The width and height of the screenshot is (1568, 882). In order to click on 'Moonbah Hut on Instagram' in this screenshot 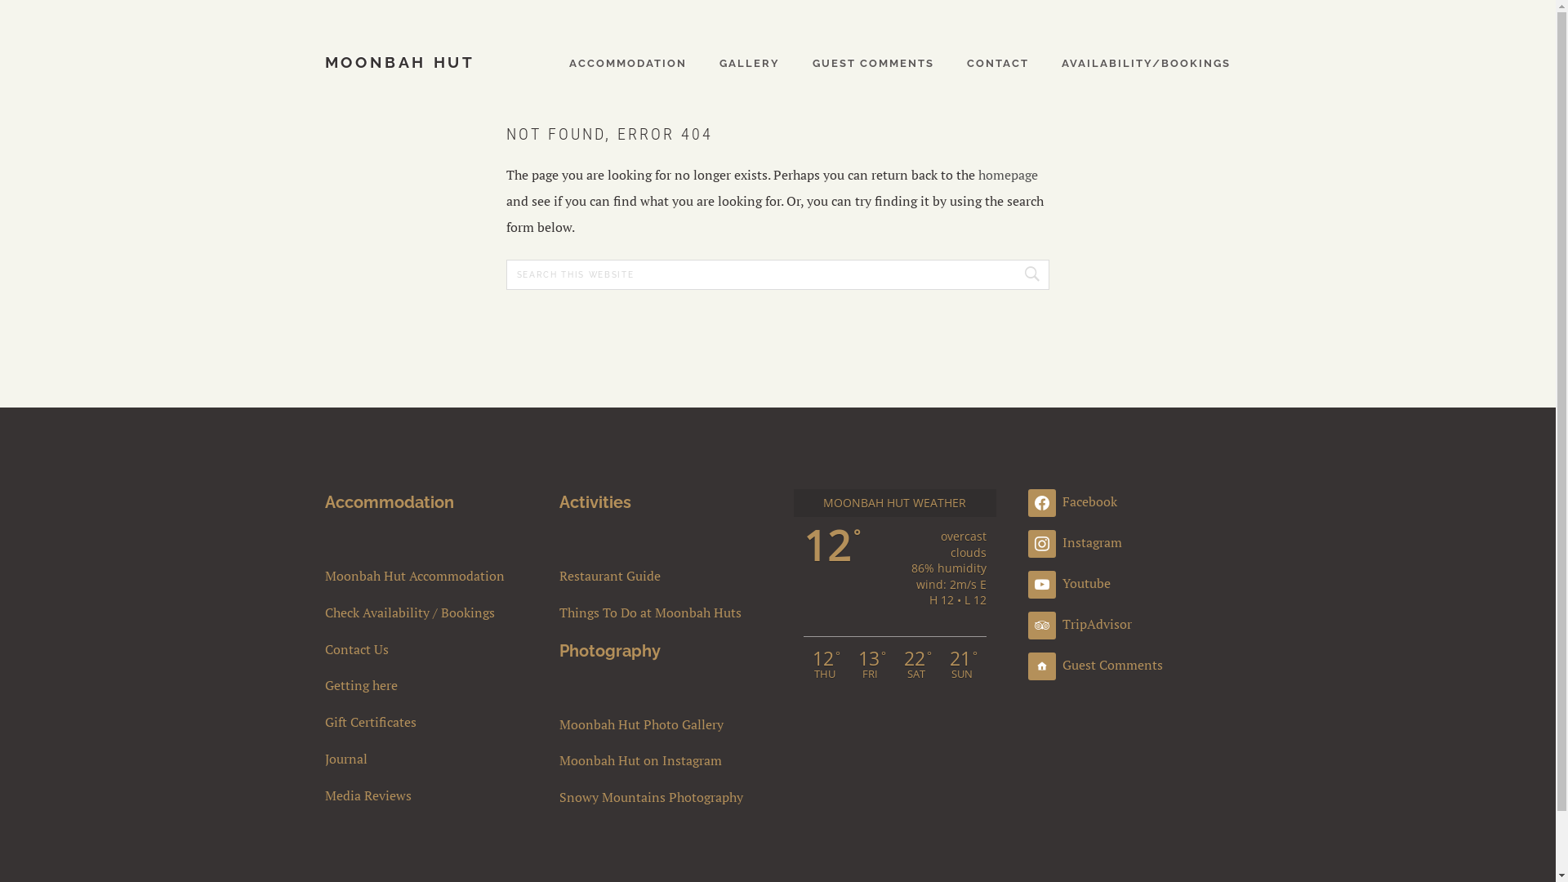, I will do `click(661, 760)`.